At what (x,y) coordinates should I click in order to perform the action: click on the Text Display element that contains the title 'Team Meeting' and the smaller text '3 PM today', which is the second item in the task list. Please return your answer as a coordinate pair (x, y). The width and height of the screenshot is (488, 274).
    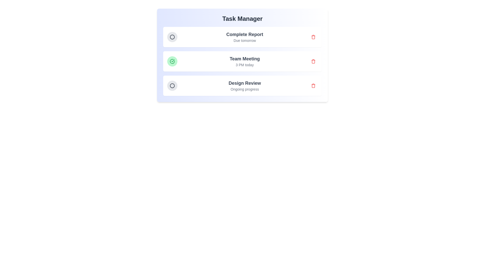
    Looking at the image, I should click on (245, 61).